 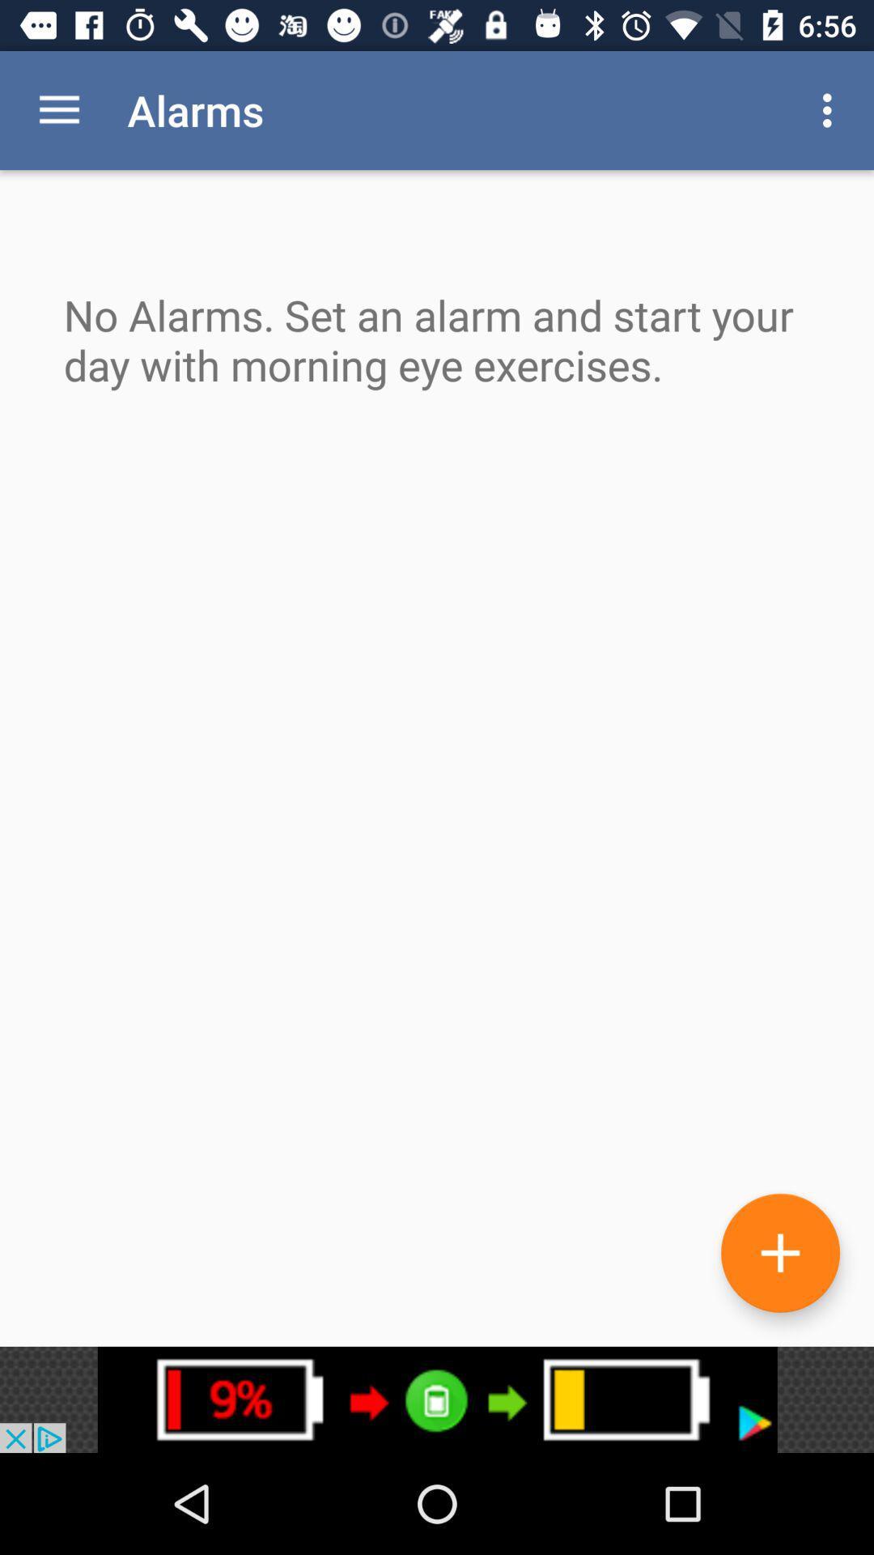 I want to click on link to advertisement, so click(x=437, y=1399).